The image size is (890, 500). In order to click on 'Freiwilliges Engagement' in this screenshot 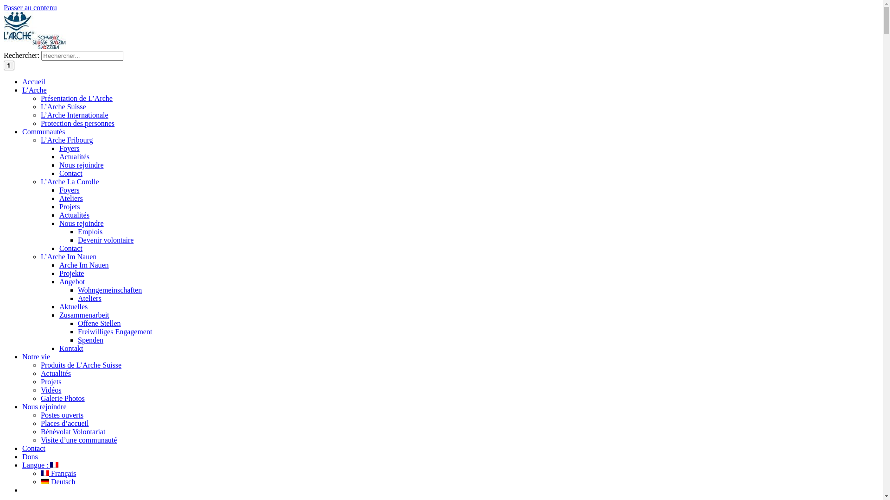, I will do `click(114, 331)`.